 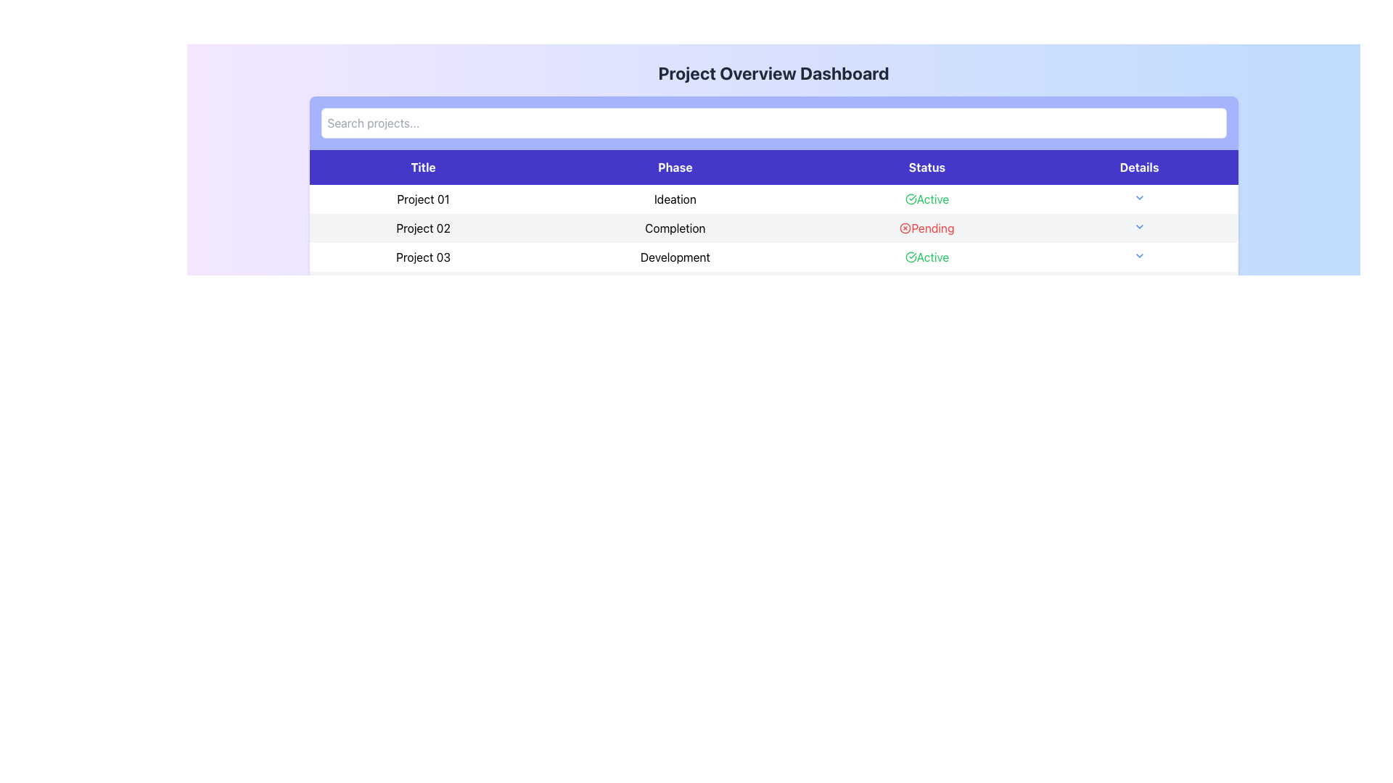 What do you see at coordinates (674, 228) in the screenshot?
I see `the text label indicating the current phase of 'Project 02' in the project's table, located in the second row under the 'Phase' column` at bounding box center [674, 228].